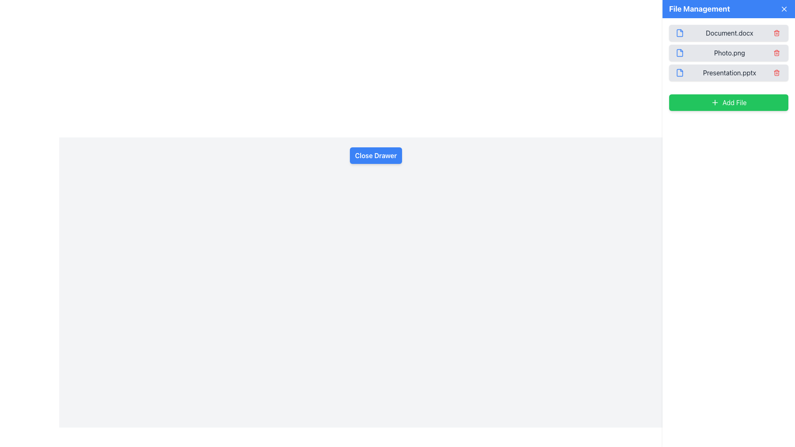 The width and height of the screenshot is (795, 447). Describe the element at coordinates (729, 53) in the screenshot. I see `the text label displaying the name 'Photo.png' located in the second position within the file management system's interface` at that location.